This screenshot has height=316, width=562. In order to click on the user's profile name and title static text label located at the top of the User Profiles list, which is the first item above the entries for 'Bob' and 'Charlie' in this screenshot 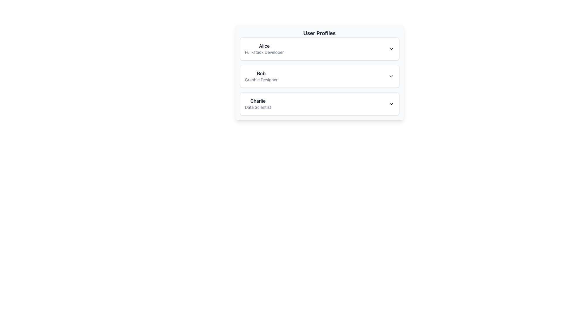, I will do `click(264, 48)`.